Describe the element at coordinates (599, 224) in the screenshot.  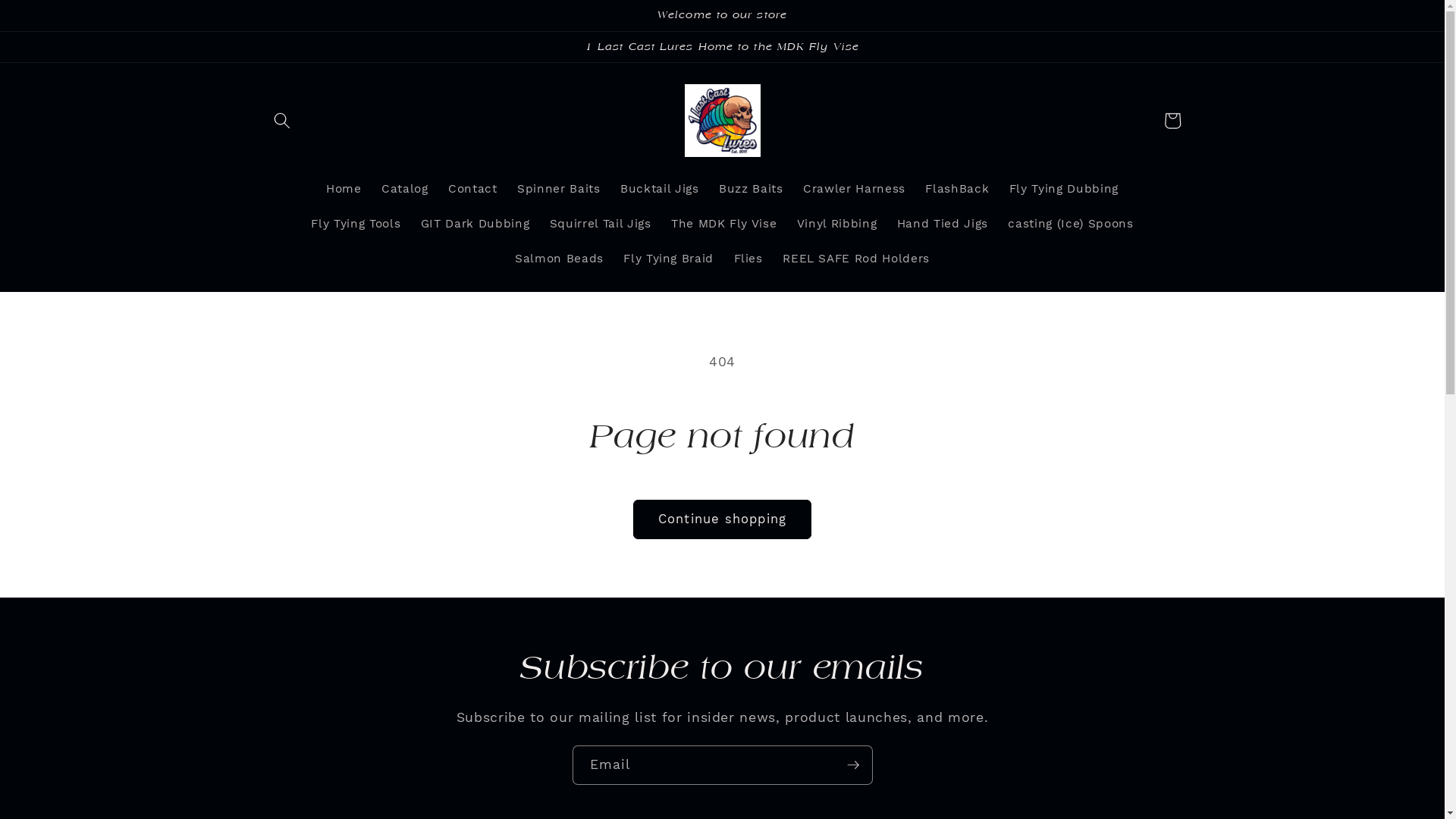
I see `'Squirrel Tail Jigs'` at that location.